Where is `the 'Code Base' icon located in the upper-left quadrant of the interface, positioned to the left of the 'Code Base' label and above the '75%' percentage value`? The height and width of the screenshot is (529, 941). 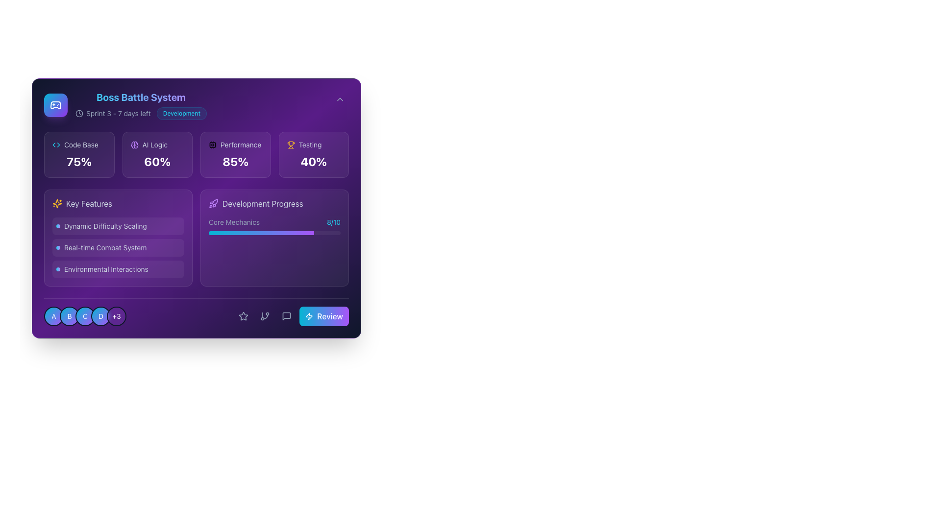 the 'Code Base' icon located in the upper-left quadrant of the interface, positioned to the left of the 'Code Base' label and above the '75%' percentage value is located at coordinates (56, 145).